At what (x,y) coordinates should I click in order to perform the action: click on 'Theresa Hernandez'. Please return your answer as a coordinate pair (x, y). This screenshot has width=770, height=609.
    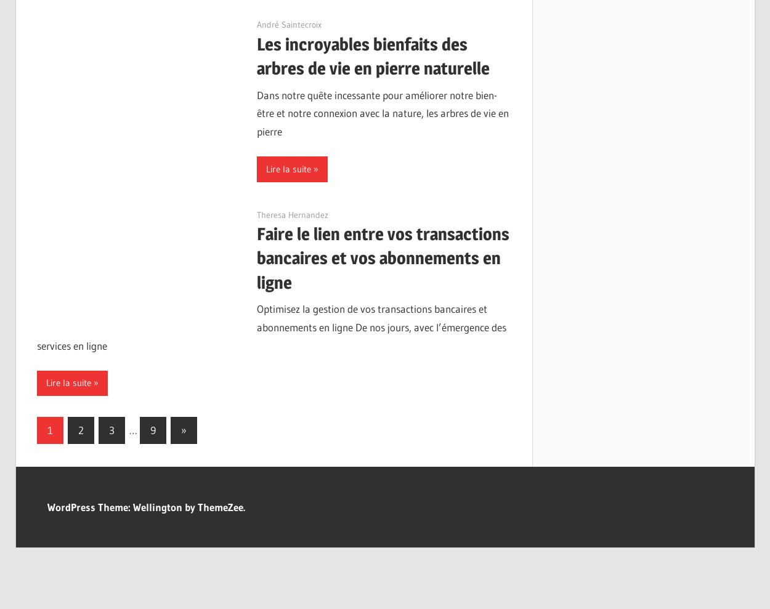
    Looking at the image, I should click on (292, 214).